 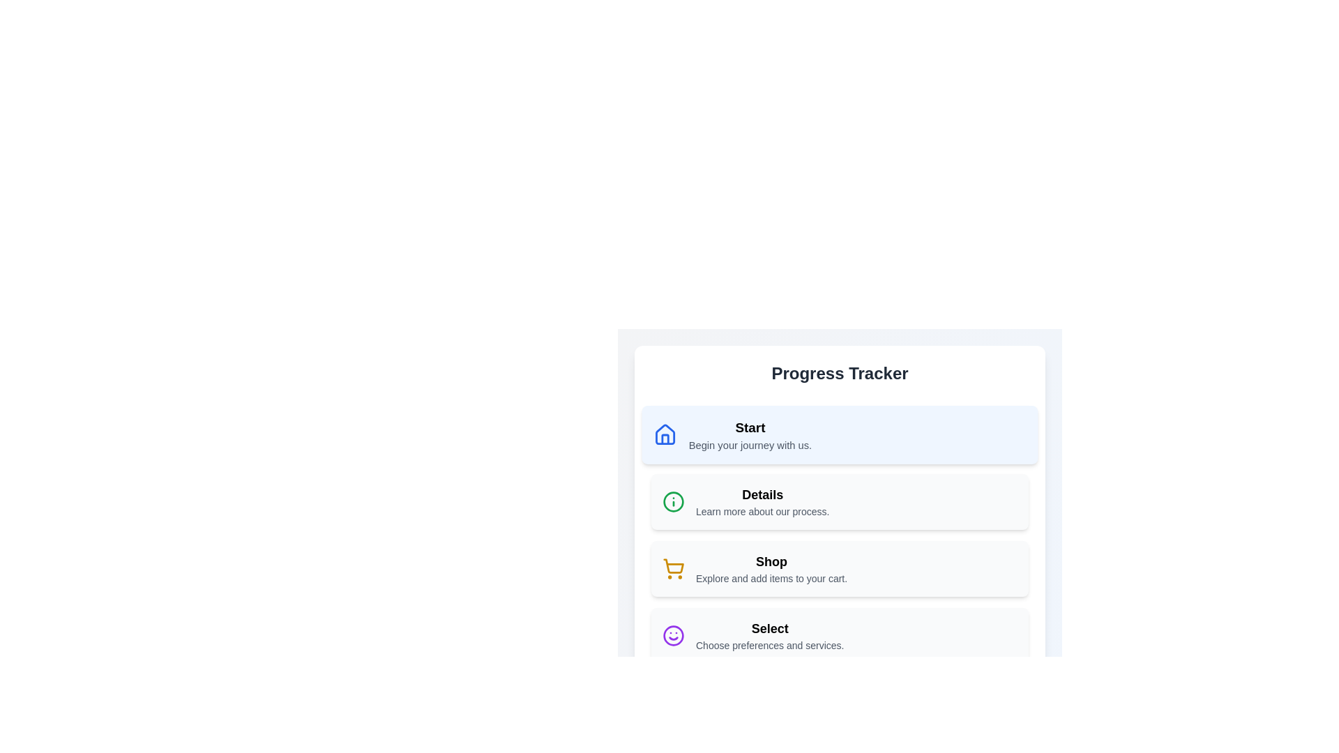 What do you see at coordinates (674, 566) in the screenshot?
I see `the shopping cart icon in the progress tracker, which visually represents the action of exploring and adding items to a cart` at bounding box center [674, 566].